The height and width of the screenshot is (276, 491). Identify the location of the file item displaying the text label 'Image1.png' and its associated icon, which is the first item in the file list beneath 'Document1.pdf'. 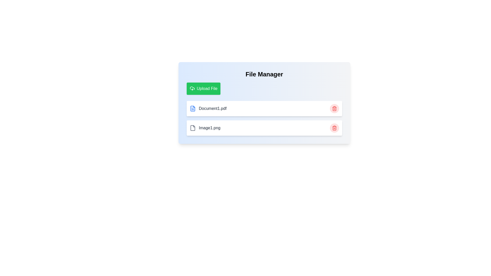
(205, 128).